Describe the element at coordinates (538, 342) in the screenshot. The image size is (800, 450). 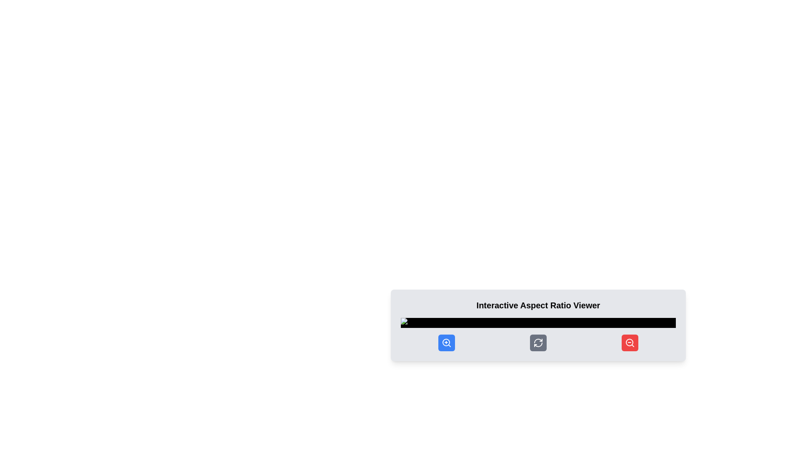
I see `the middle button of the button group layout located below the 'Interactive Aspect Ratio Viewer' heading` at that location.